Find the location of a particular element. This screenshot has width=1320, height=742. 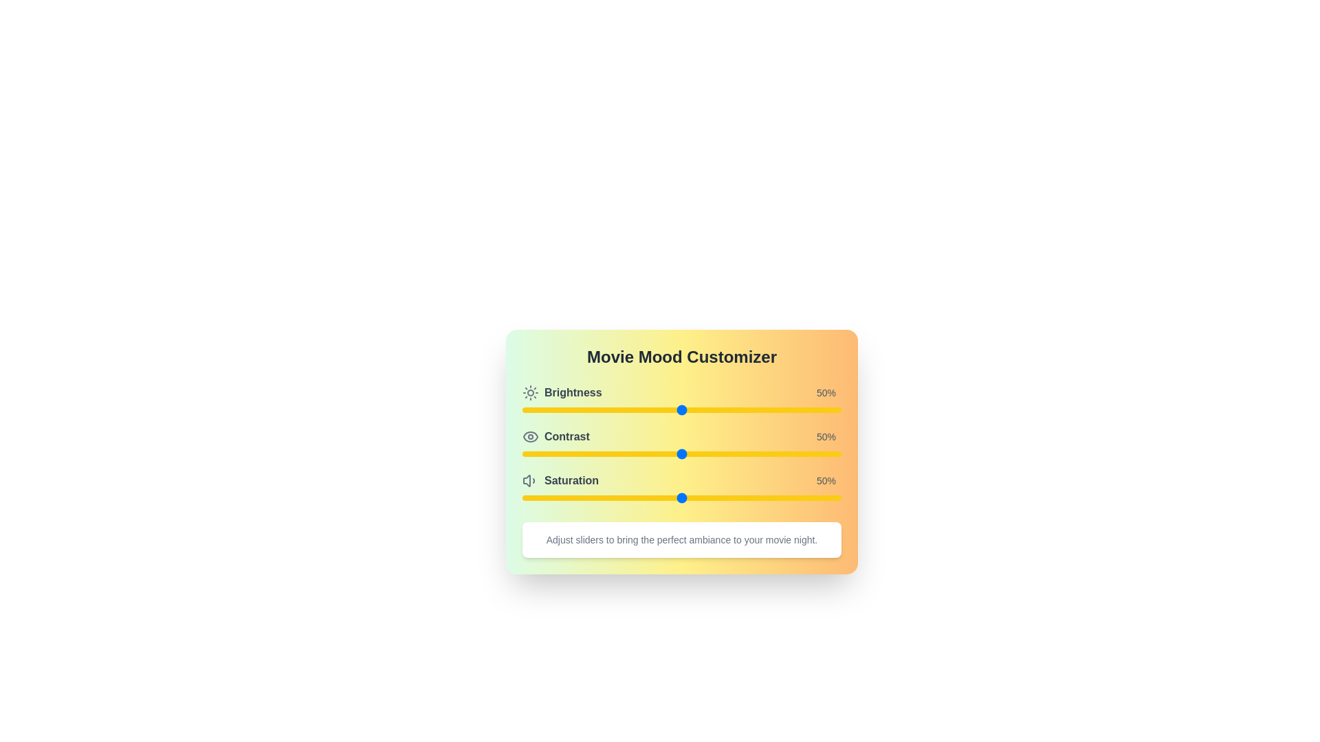

brightness is located at coordinates (534, 409).